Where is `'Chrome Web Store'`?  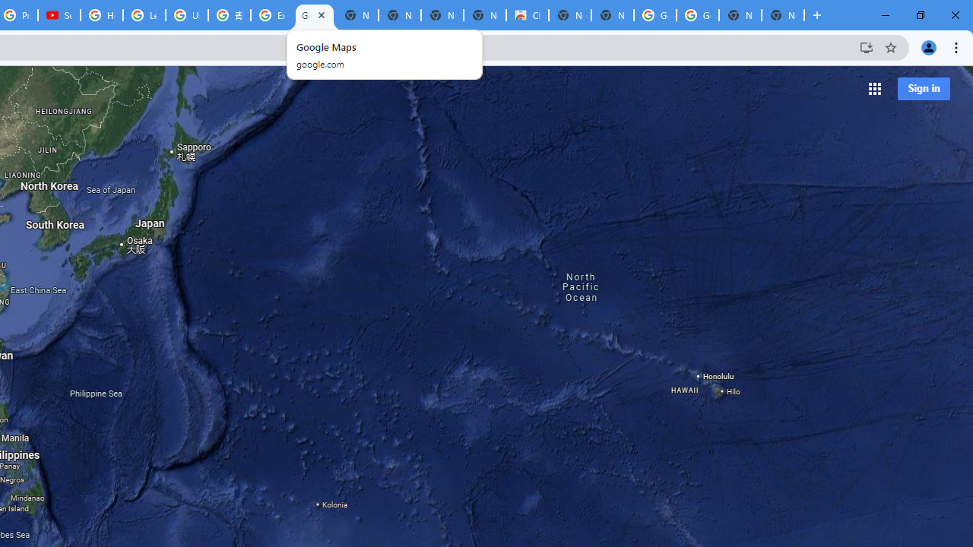
'Chrome Web Store' is located at coordinates (527, 15).